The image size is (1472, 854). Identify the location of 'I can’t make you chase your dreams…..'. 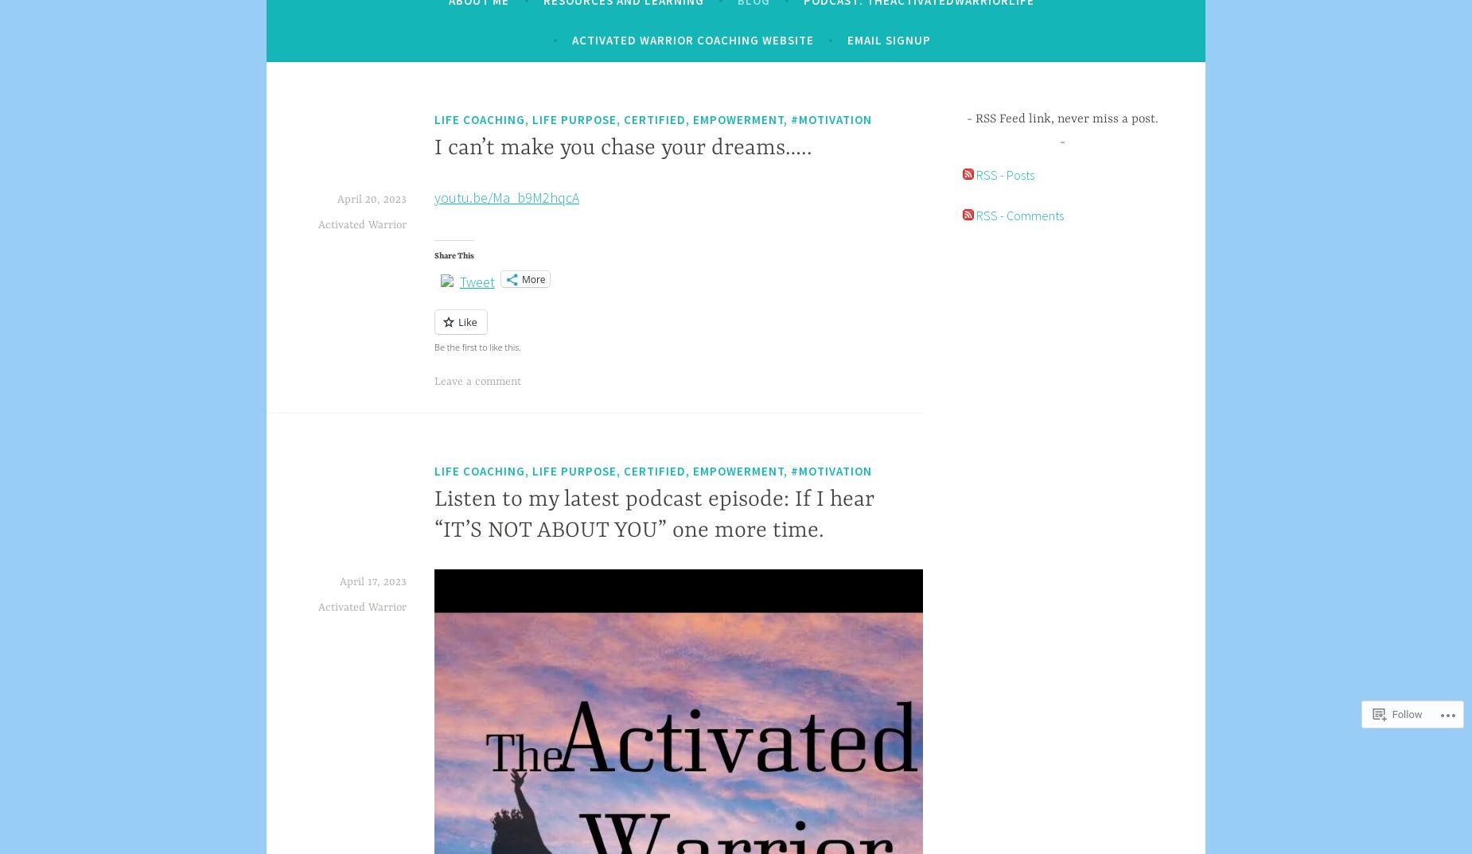
(434, 148).